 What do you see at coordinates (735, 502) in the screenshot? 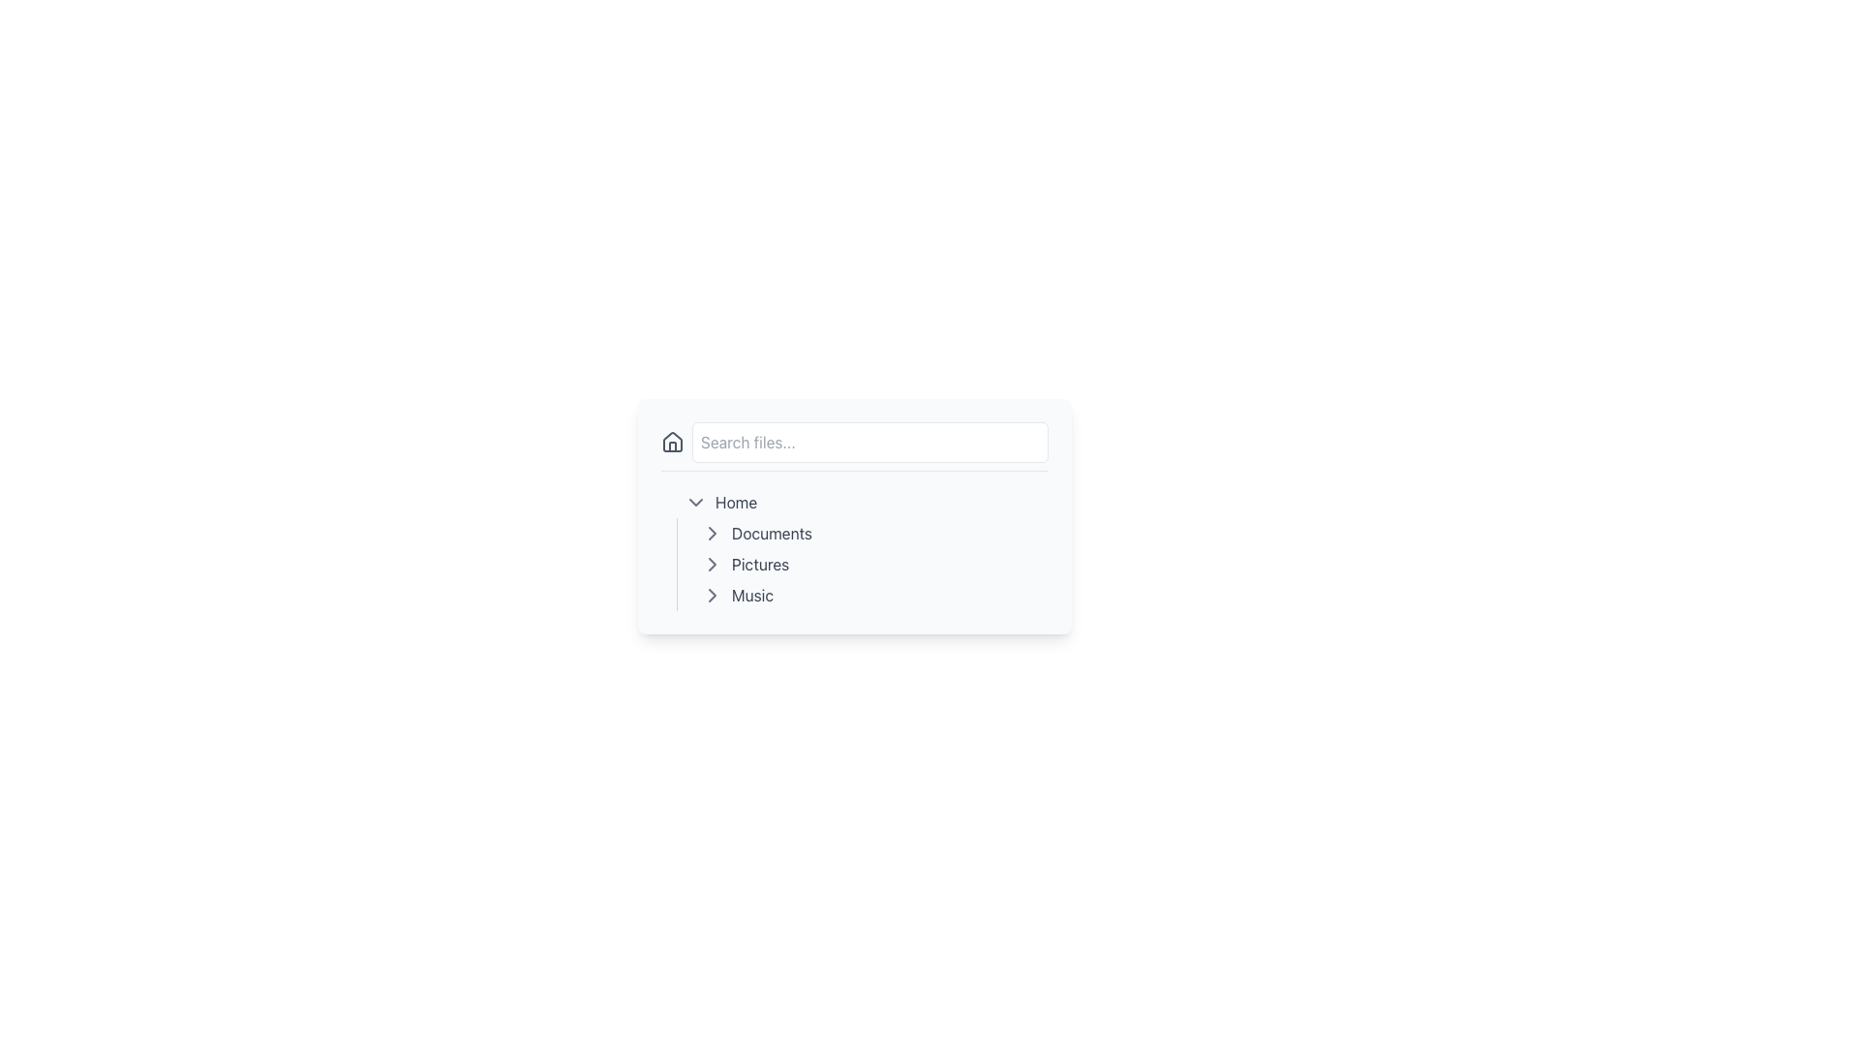
I see `text displayed in the 'Home' Text Display element, which is styled in dark gray and positioned below the search bar in the navigation list` at bounding box center [735, 502].